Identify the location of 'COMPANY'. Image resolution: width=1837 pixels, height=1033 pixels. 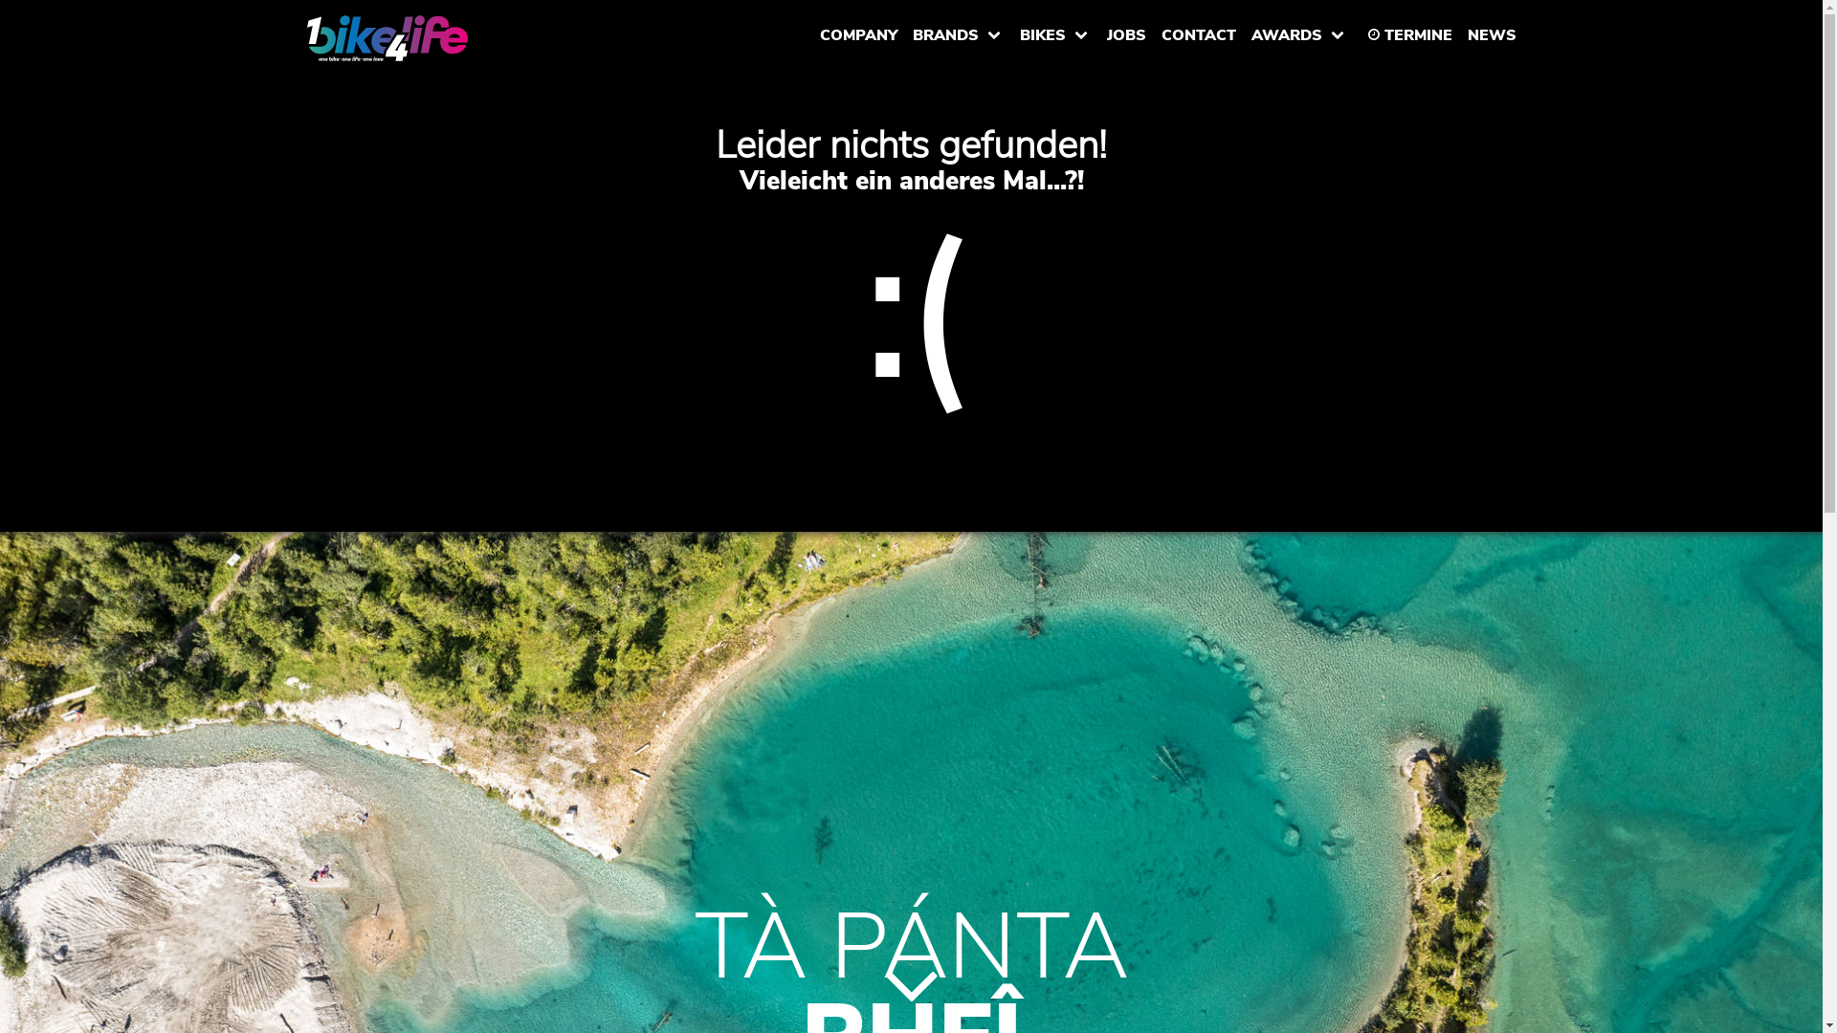
(856, 33).